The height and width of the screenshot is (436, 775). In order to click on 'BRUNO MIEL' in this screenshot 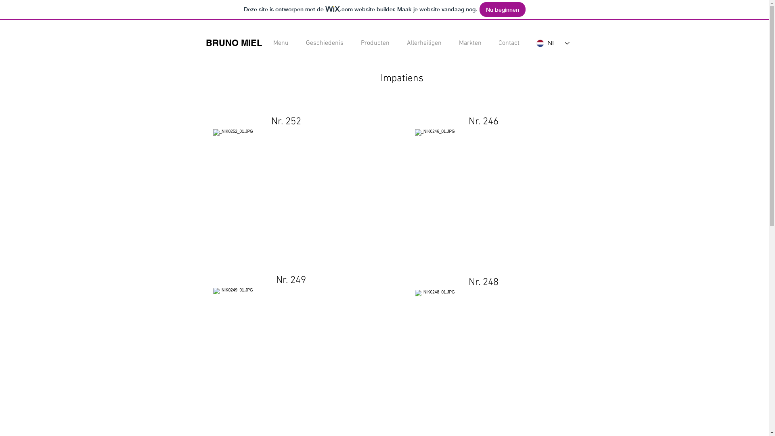, I will do `click(205, 42)`.